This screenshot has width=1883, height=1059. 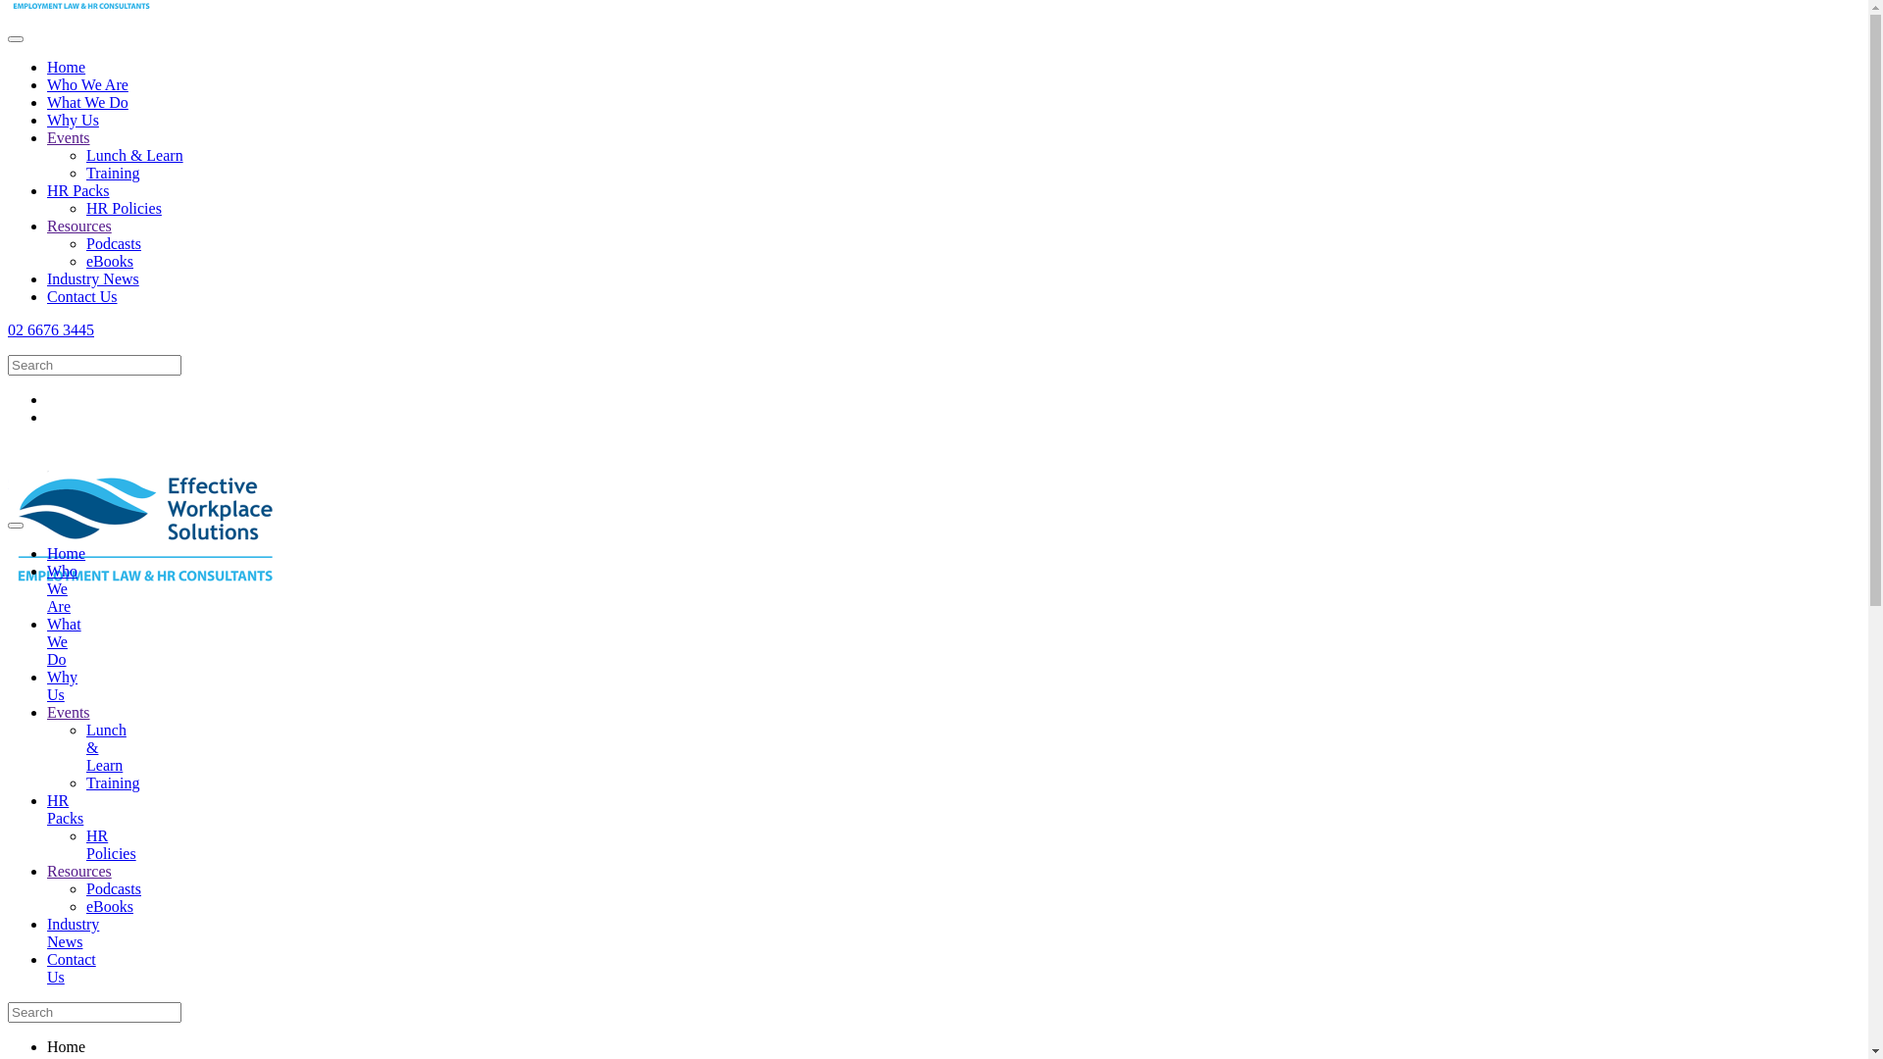 I want to click on 'Training', so click(x=112, y=172).